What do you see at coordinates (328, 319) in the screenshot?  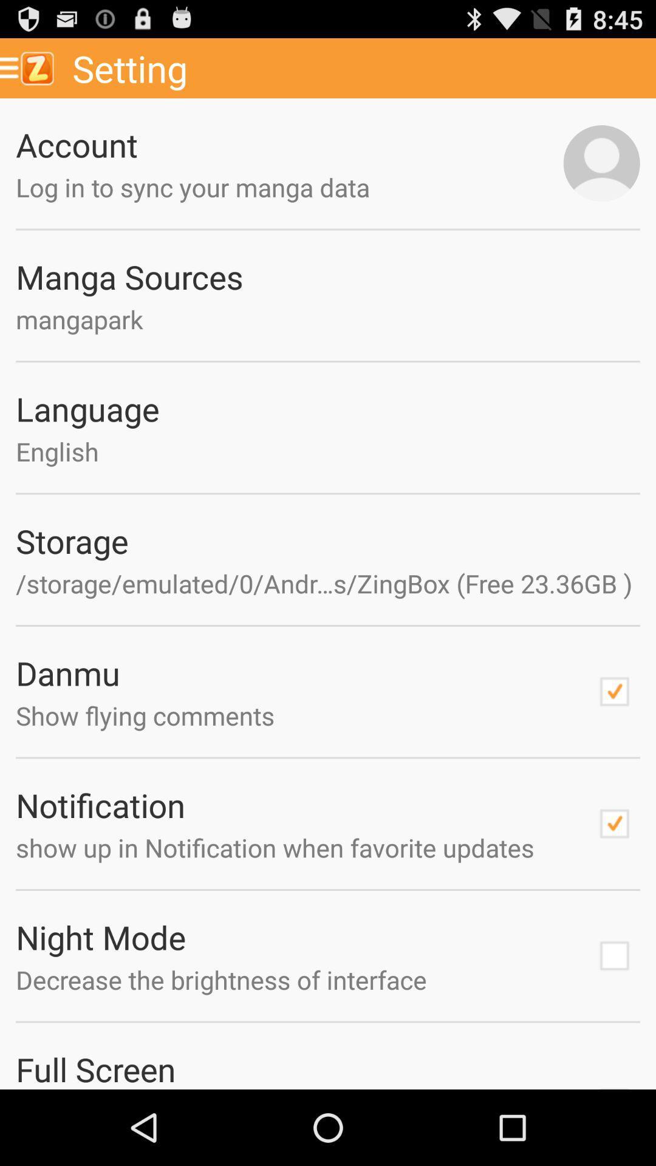 I see `the icon below manga sources app` at bounding box center [328, 319].